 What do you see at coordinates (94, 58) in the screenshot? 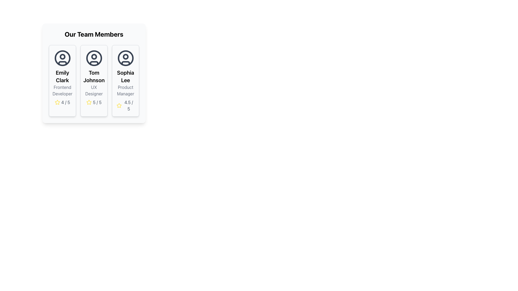
I see `the circular profile icon for 'Tom Johnson', which is the largest circle in the 'Our Team Members' grid layout` at bounding box center [94, 58].